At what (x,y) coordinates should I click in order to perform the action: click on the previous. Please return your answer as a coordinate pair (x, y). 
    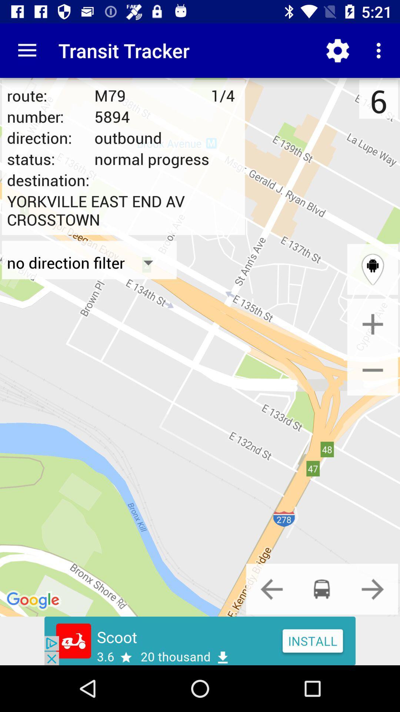
    Looking at the image, I should click on (271, 589).